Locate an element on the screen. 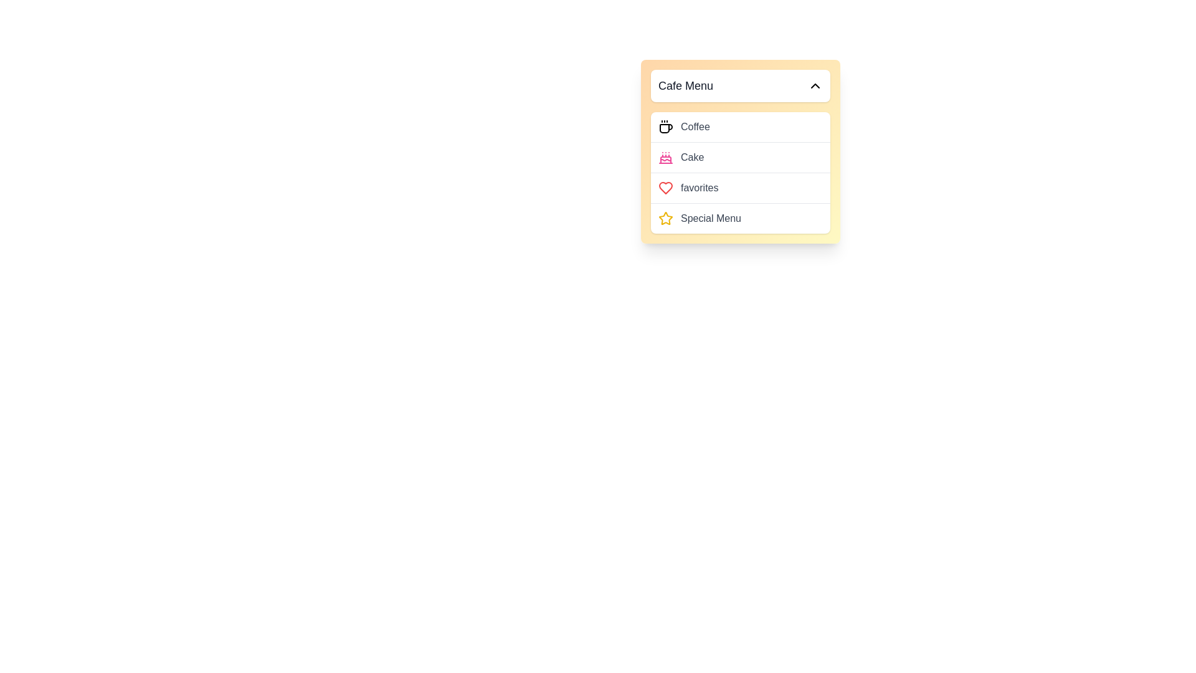  the yellow star icon with a hollow center located near the top-right quadrant of the interface, adjacent to menu items is located at coordinates (665, 217).